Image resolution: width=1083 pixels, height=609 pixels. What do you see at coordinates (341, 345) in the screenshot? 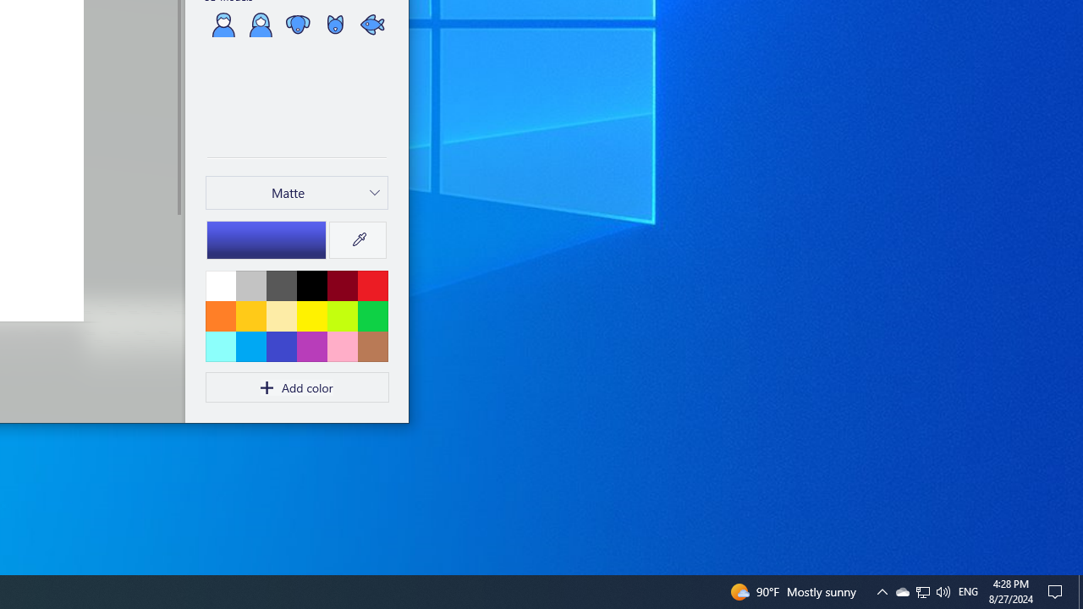
I see `'Rose'` at bounding box center [341, 345].